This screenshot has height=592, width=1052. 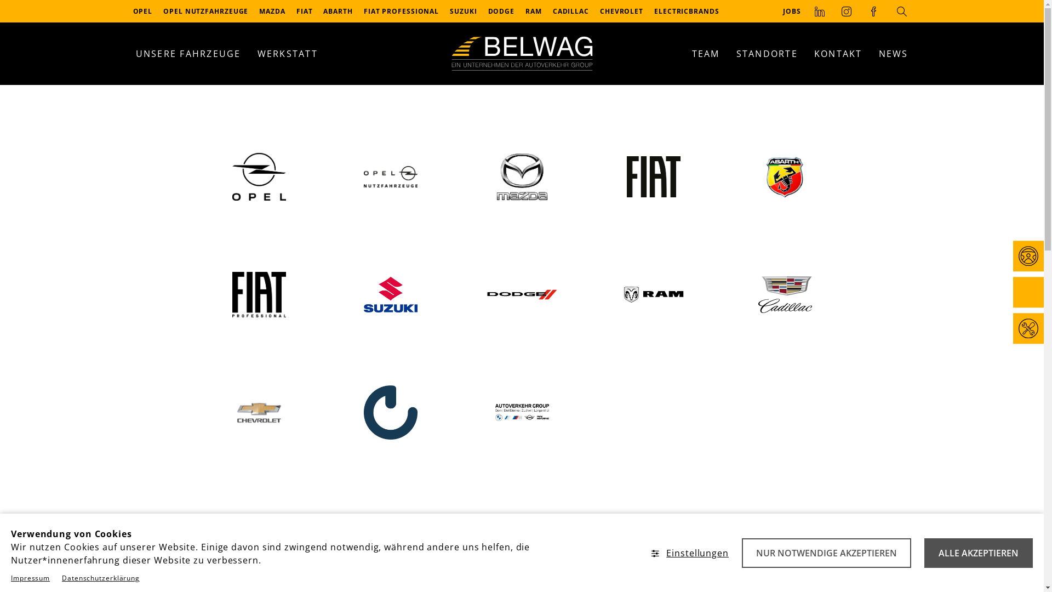 I want to click on 'Cadillac', so click(x=785, y=294).